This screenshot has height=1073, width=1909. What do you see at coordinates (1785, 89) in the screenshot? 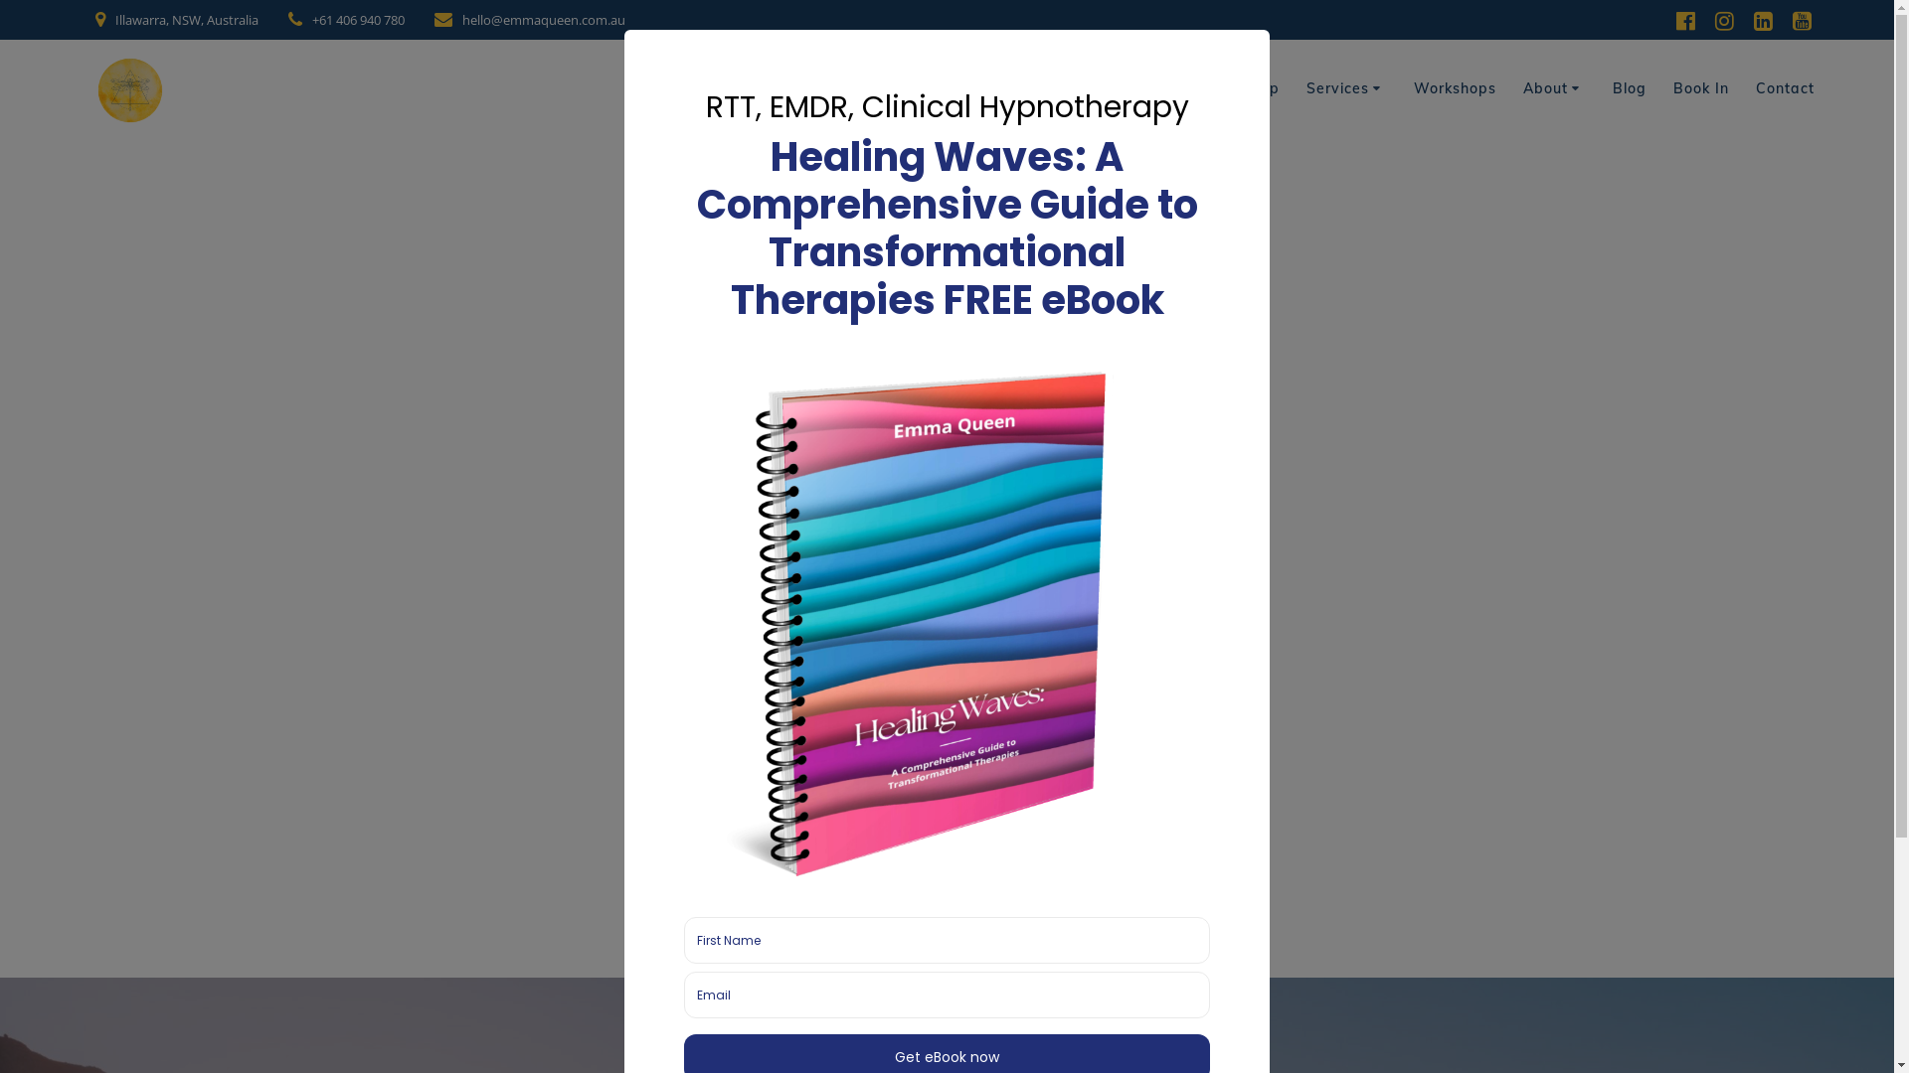
I see `'Contact'` at bounding box center [1785, 89].